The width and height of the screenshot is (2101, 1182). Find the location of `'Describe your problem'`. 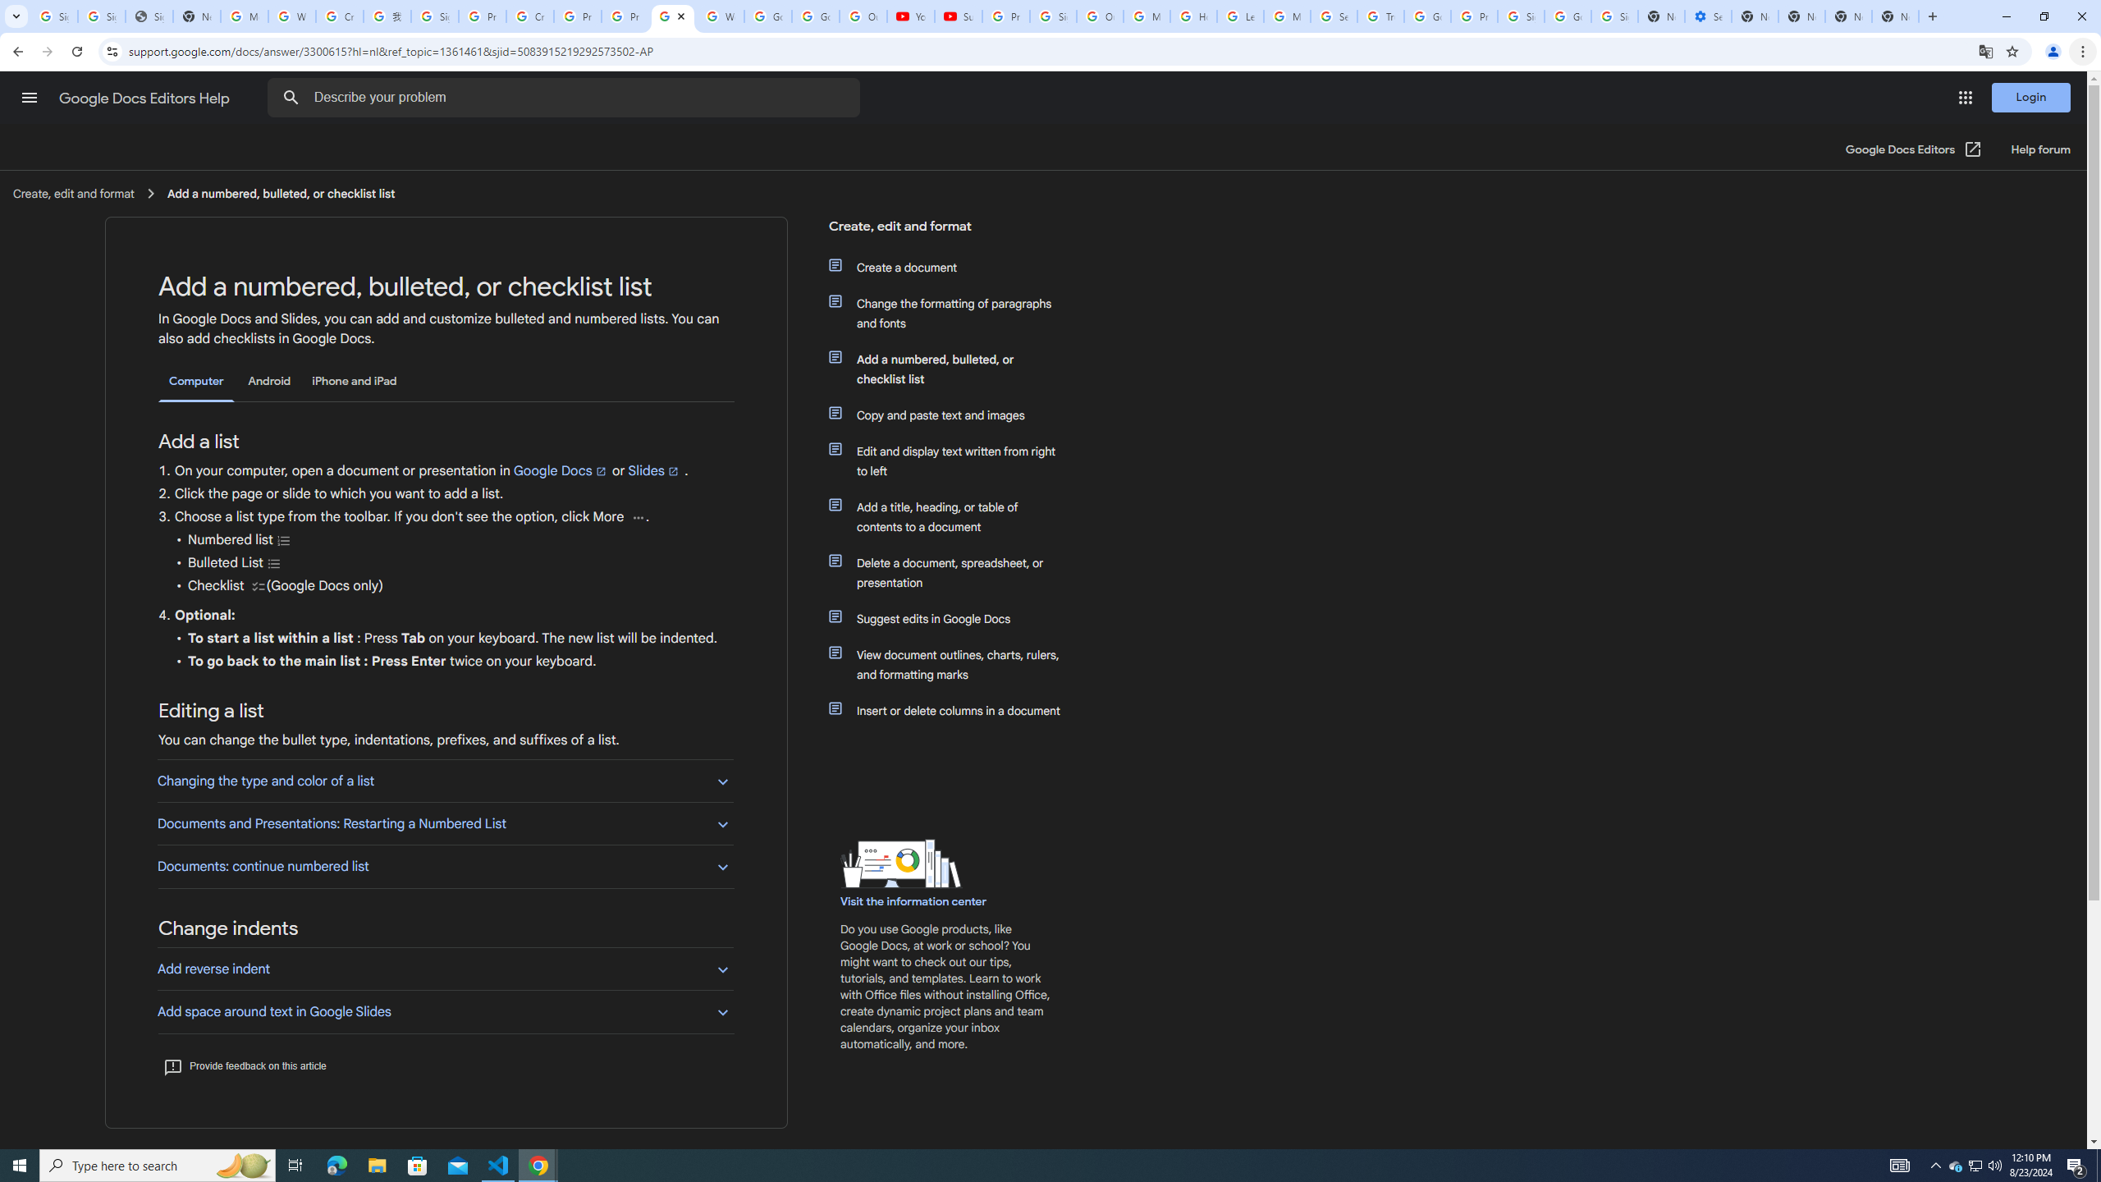

'Describe your problem' is located at coordinates (565, 97).